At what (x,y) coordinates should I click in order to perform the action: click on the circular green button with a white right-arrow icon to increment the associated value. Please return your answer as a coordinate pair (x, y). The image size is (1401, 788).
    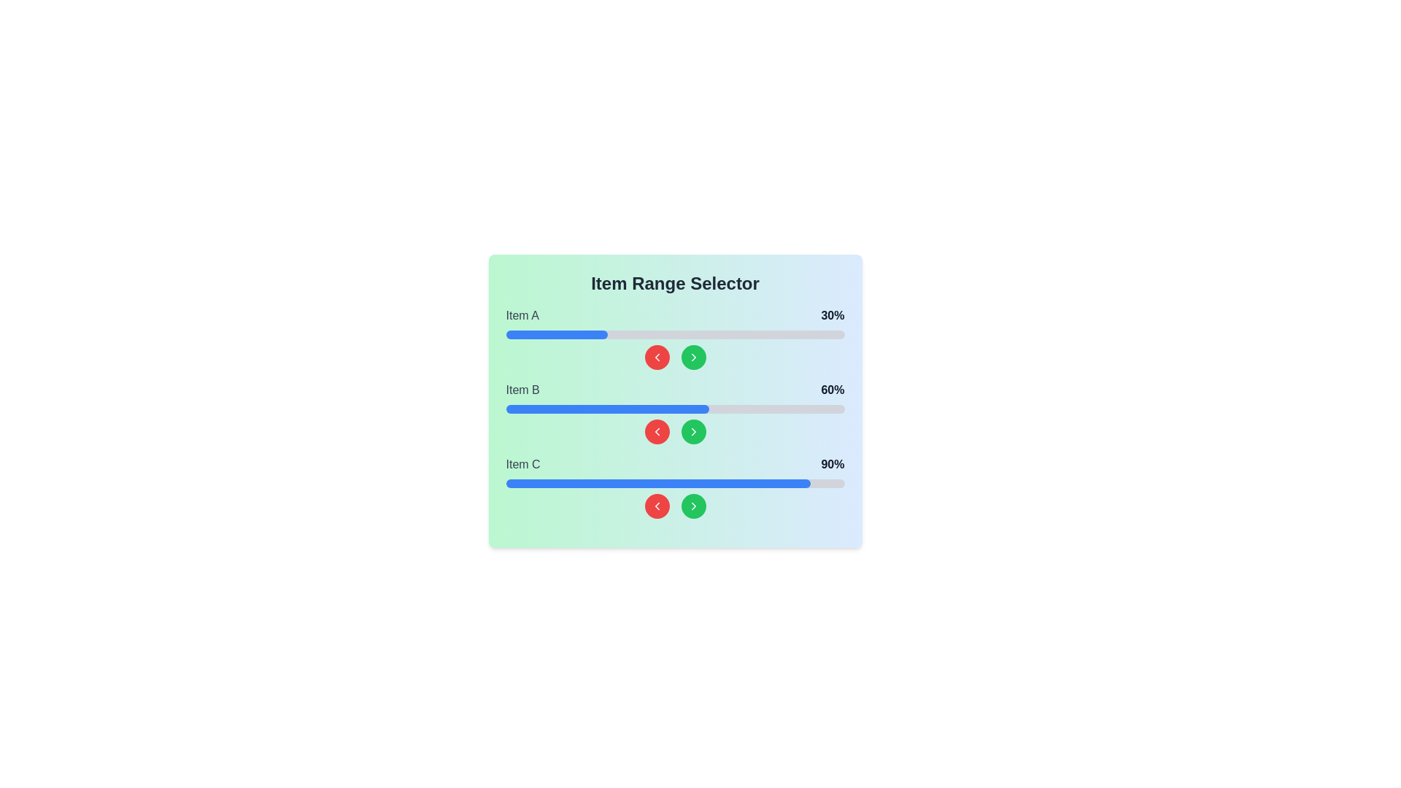
    Looking at the image, I should click on (692, 430).